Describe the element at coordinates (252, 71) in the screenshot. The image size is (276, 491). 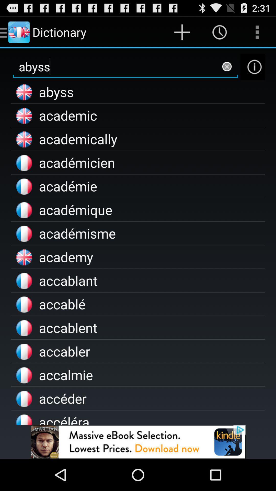
I see `the info icon` at that location.